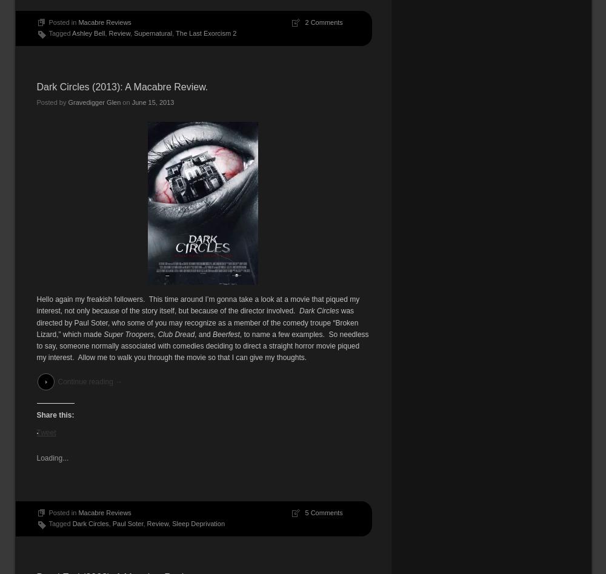 This screenshot has width=606, height=574. Describe the element at coordinates (86, 382) in the screenshot. I see `'Continue reading'` at that location.